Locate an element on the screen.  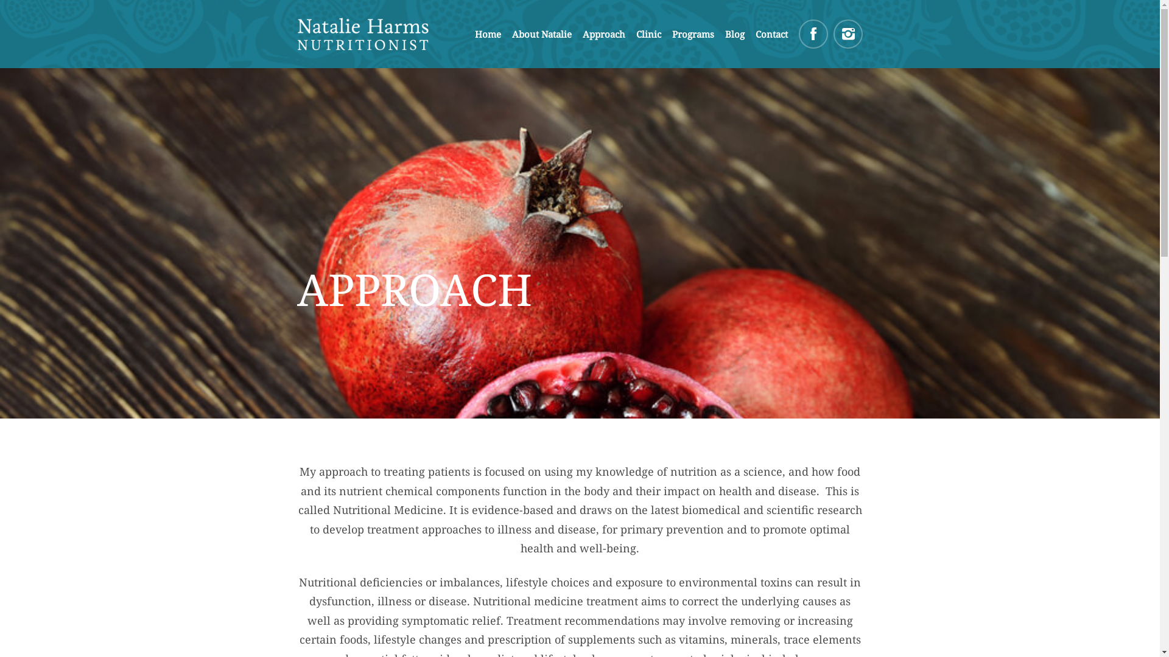
'Home' is located at coordinates (474, 33).